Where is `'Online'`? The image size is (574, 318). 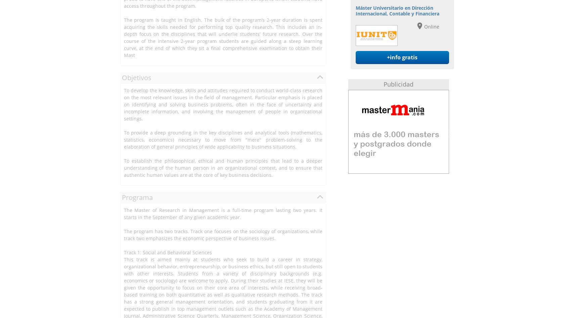
'Online' is located at coordinates (431, 26).